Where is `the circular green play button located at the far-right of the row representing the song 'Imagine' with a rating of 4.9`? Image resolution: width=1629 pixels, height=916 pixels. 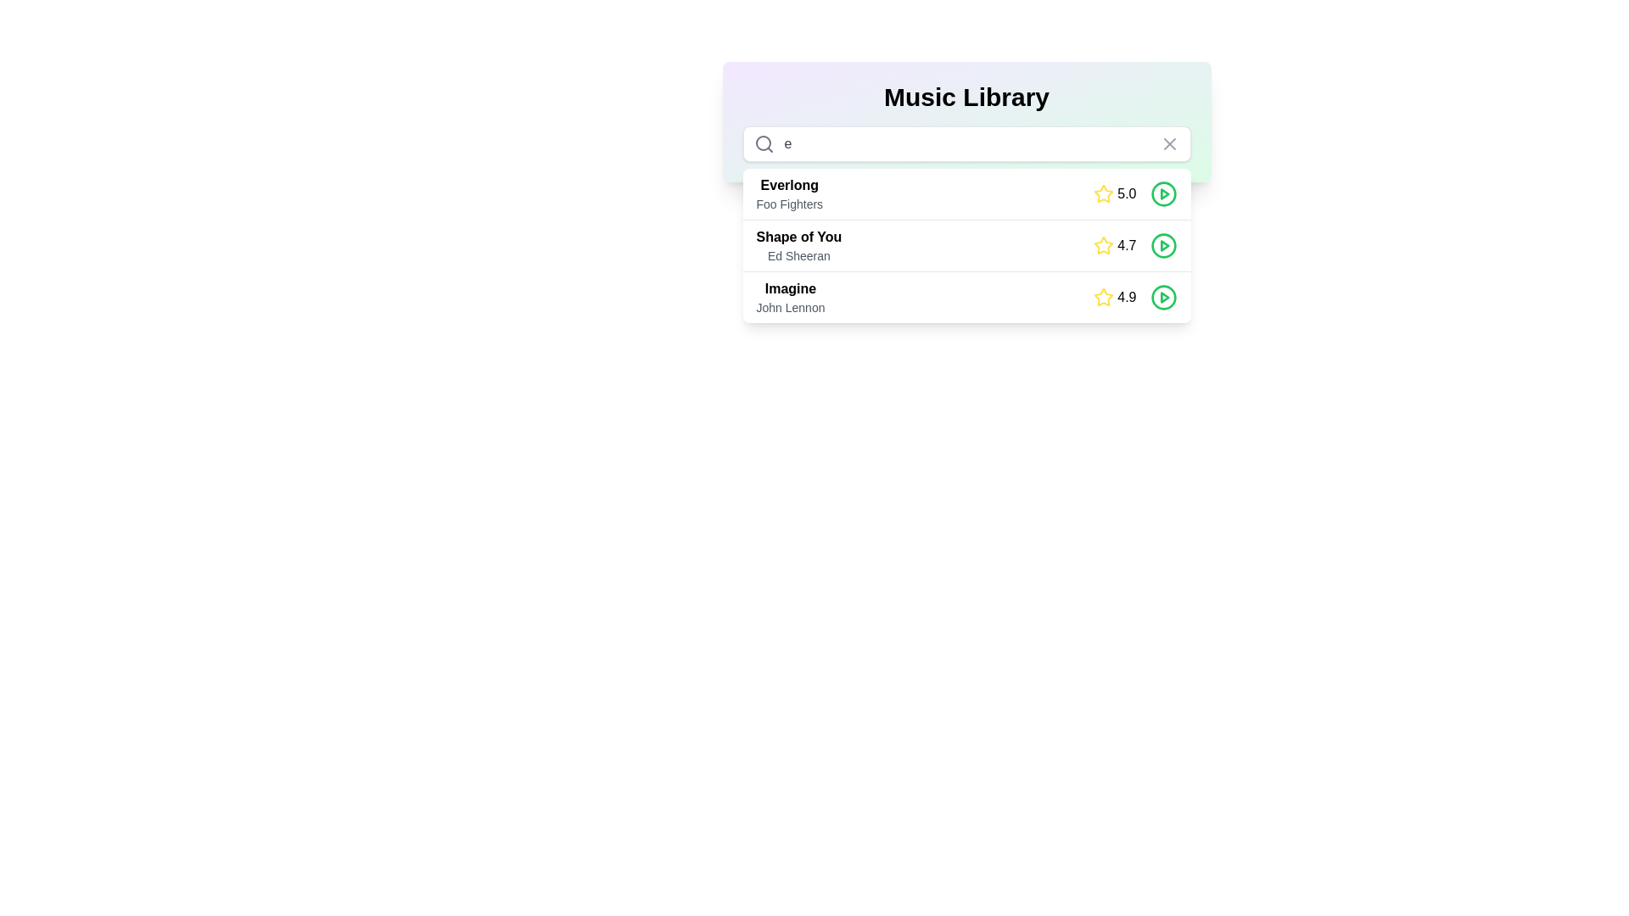
the circular green play button located at the far-right of the row representing the song 'Imagine' with a rating of 4.9 is located at coordinates (1162, 297).